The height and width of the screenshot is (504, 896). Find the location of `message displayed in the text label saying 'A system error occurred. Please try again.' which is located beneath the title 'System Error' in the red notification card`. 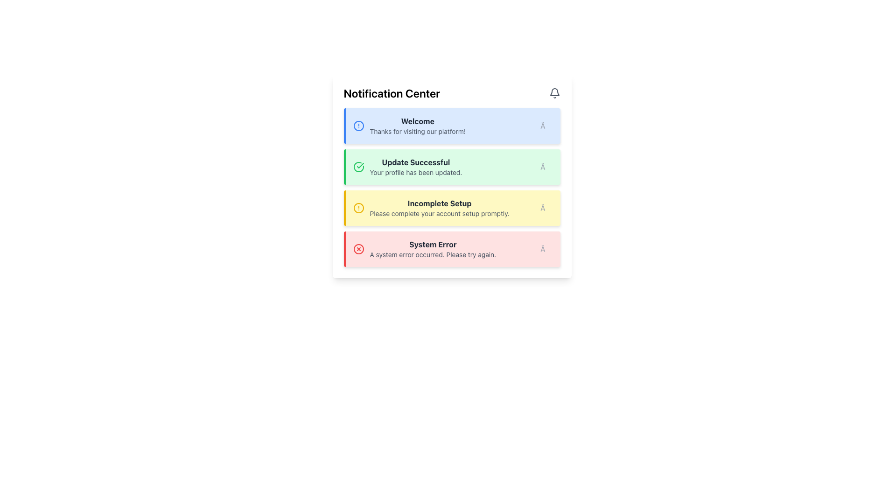

message displayed in the text label saying 'A system error occurred. Please try again.' which is located beneath the title 'System Error' in the red notification card is located at coordinates (432, 255).